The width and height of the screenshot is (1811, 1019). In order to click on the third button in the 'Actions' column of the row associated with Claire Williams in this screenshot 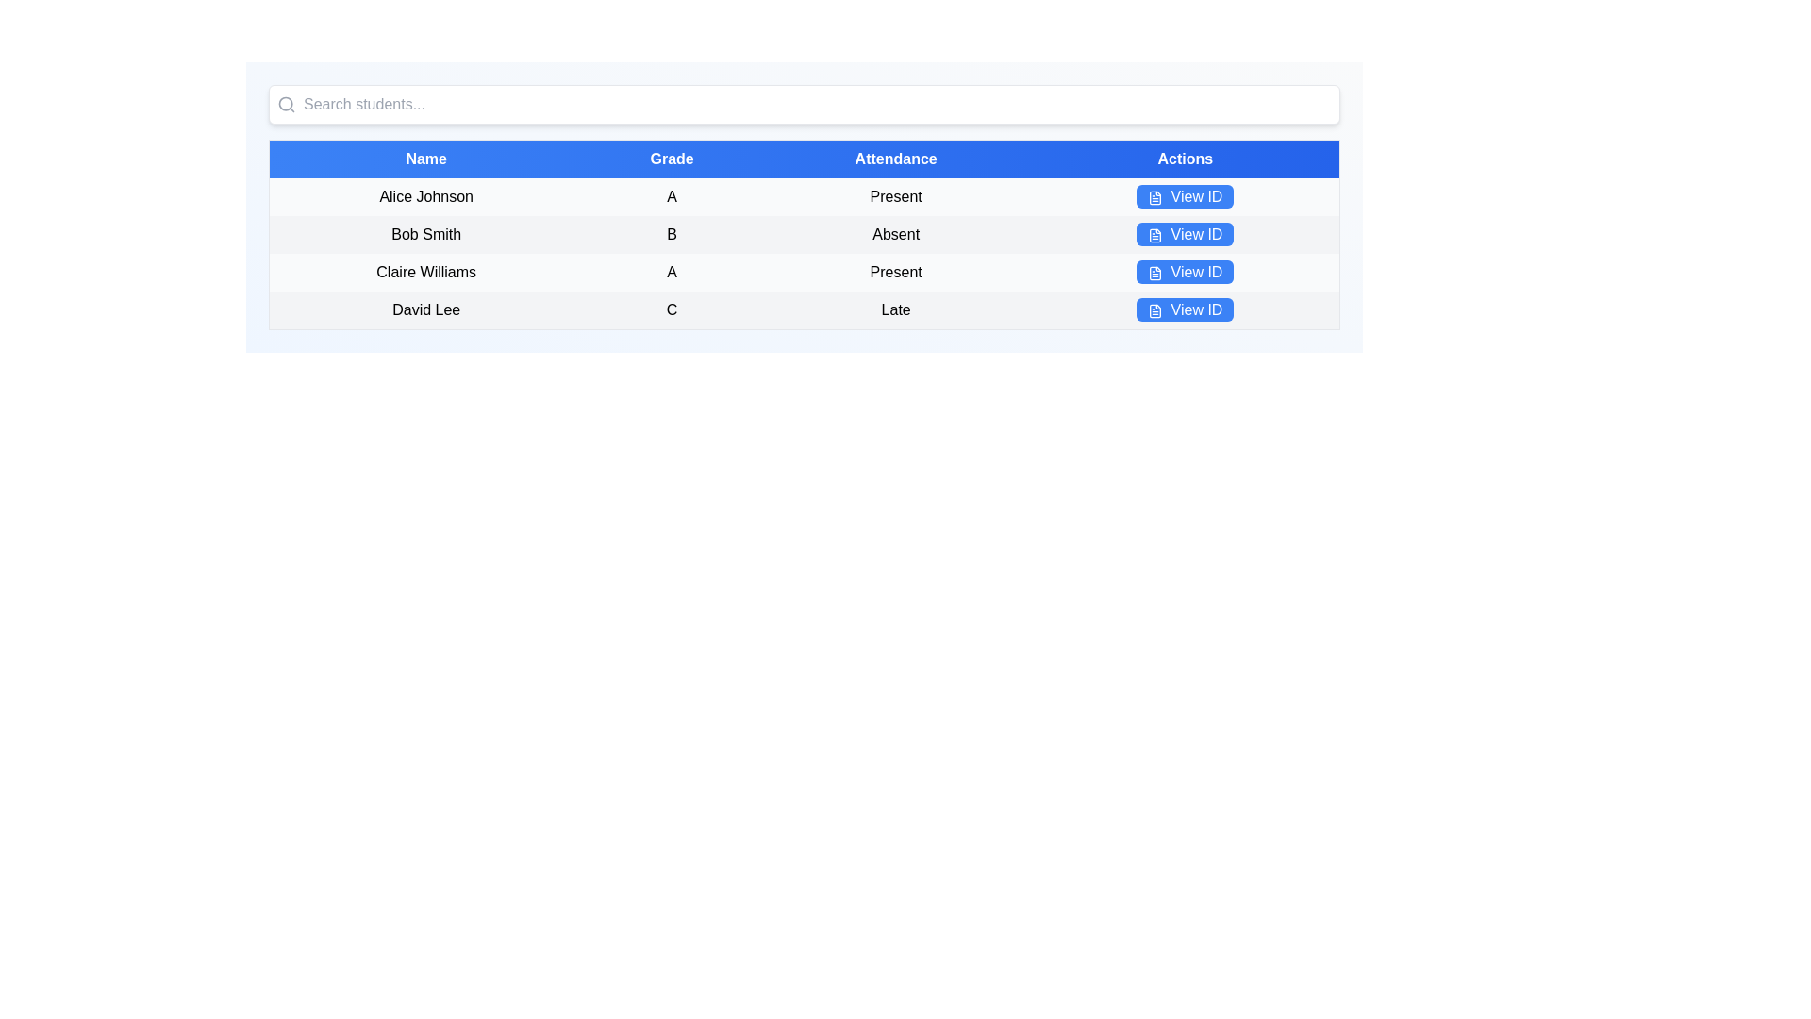, I will do `click(1185, 273)`.